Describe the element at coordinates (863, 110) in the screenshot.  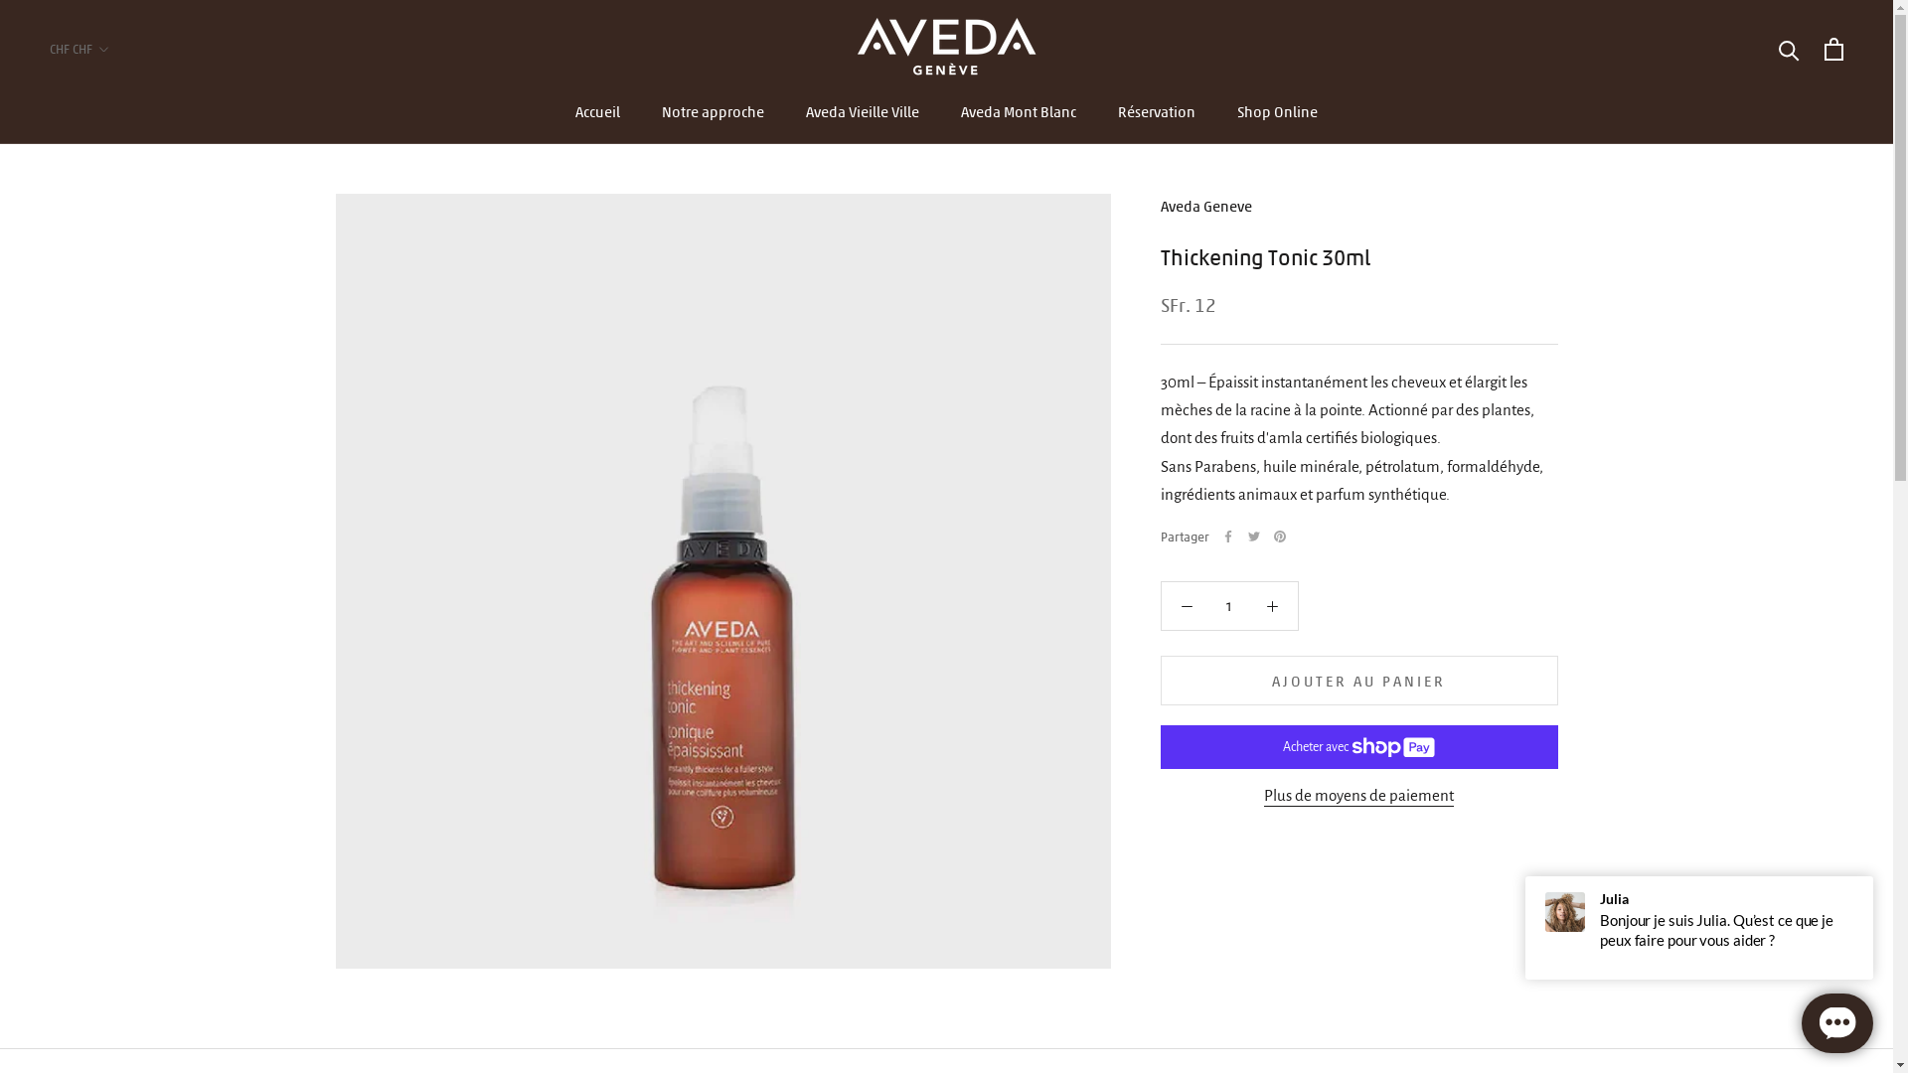
I see `'Aveda Vieille Ville` at that location.